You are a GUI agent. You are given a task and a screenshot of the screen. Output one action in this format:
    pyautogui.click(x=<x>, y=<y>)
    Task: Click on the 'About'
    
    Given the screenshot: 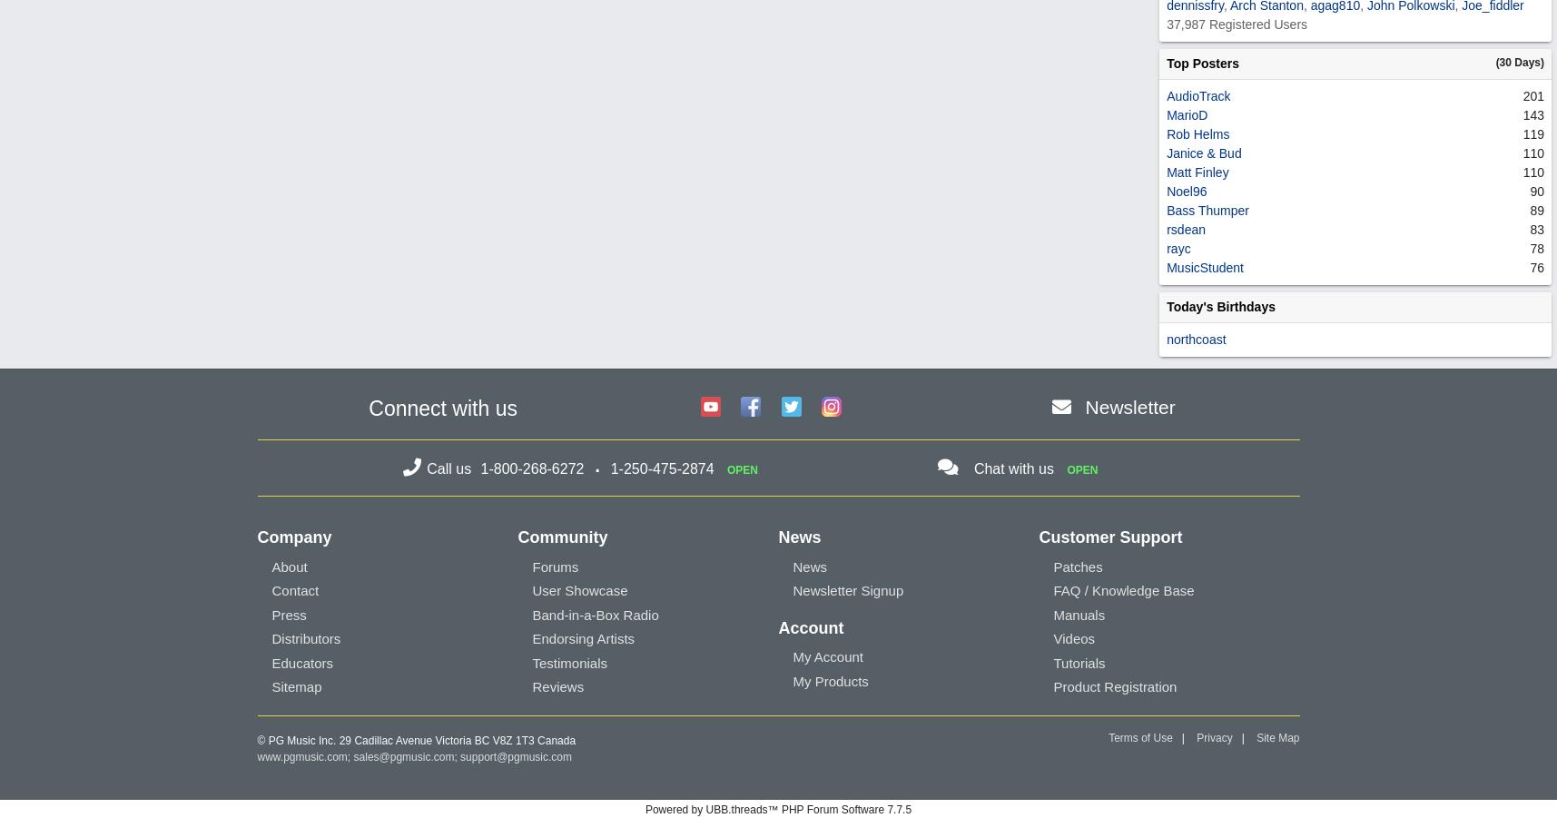 What is the action you would take?
    pyautogui.click(x=288, y=566)
    